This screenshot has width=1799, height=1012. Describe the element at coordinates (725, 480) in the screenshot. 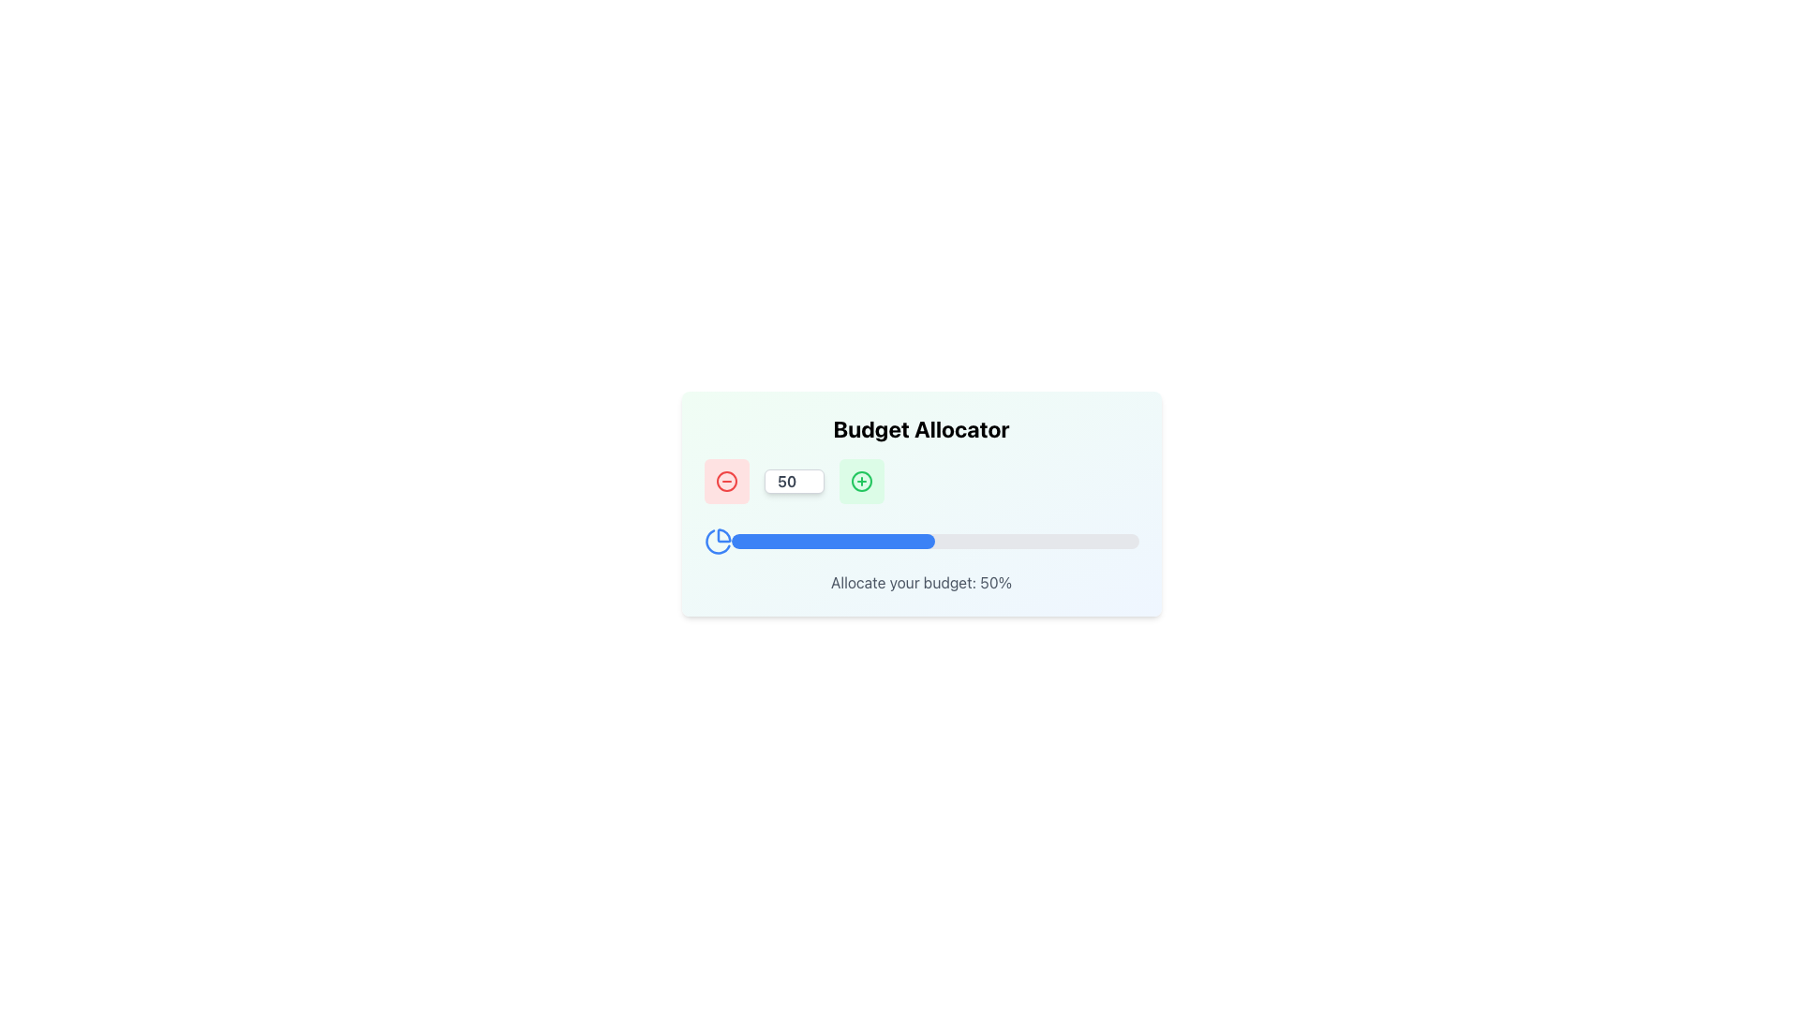

I see `the red circular button that represents the subtract action in the 'Budget Allocator' interface` at that location.